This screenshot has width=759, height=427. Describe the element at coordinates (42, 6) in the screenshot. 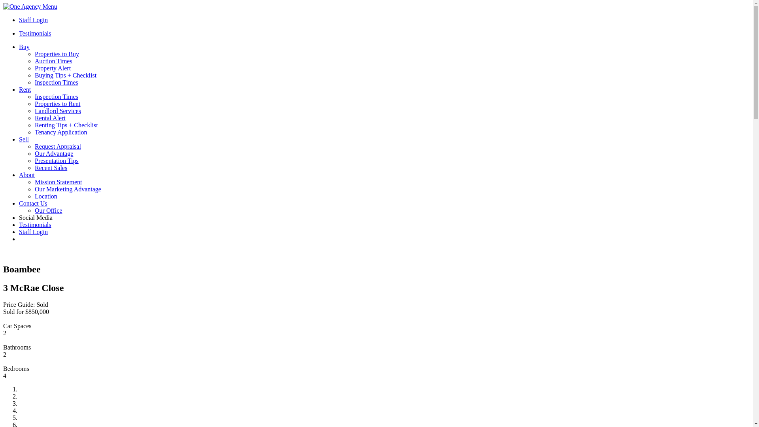

I see `'Menu'` at that location.